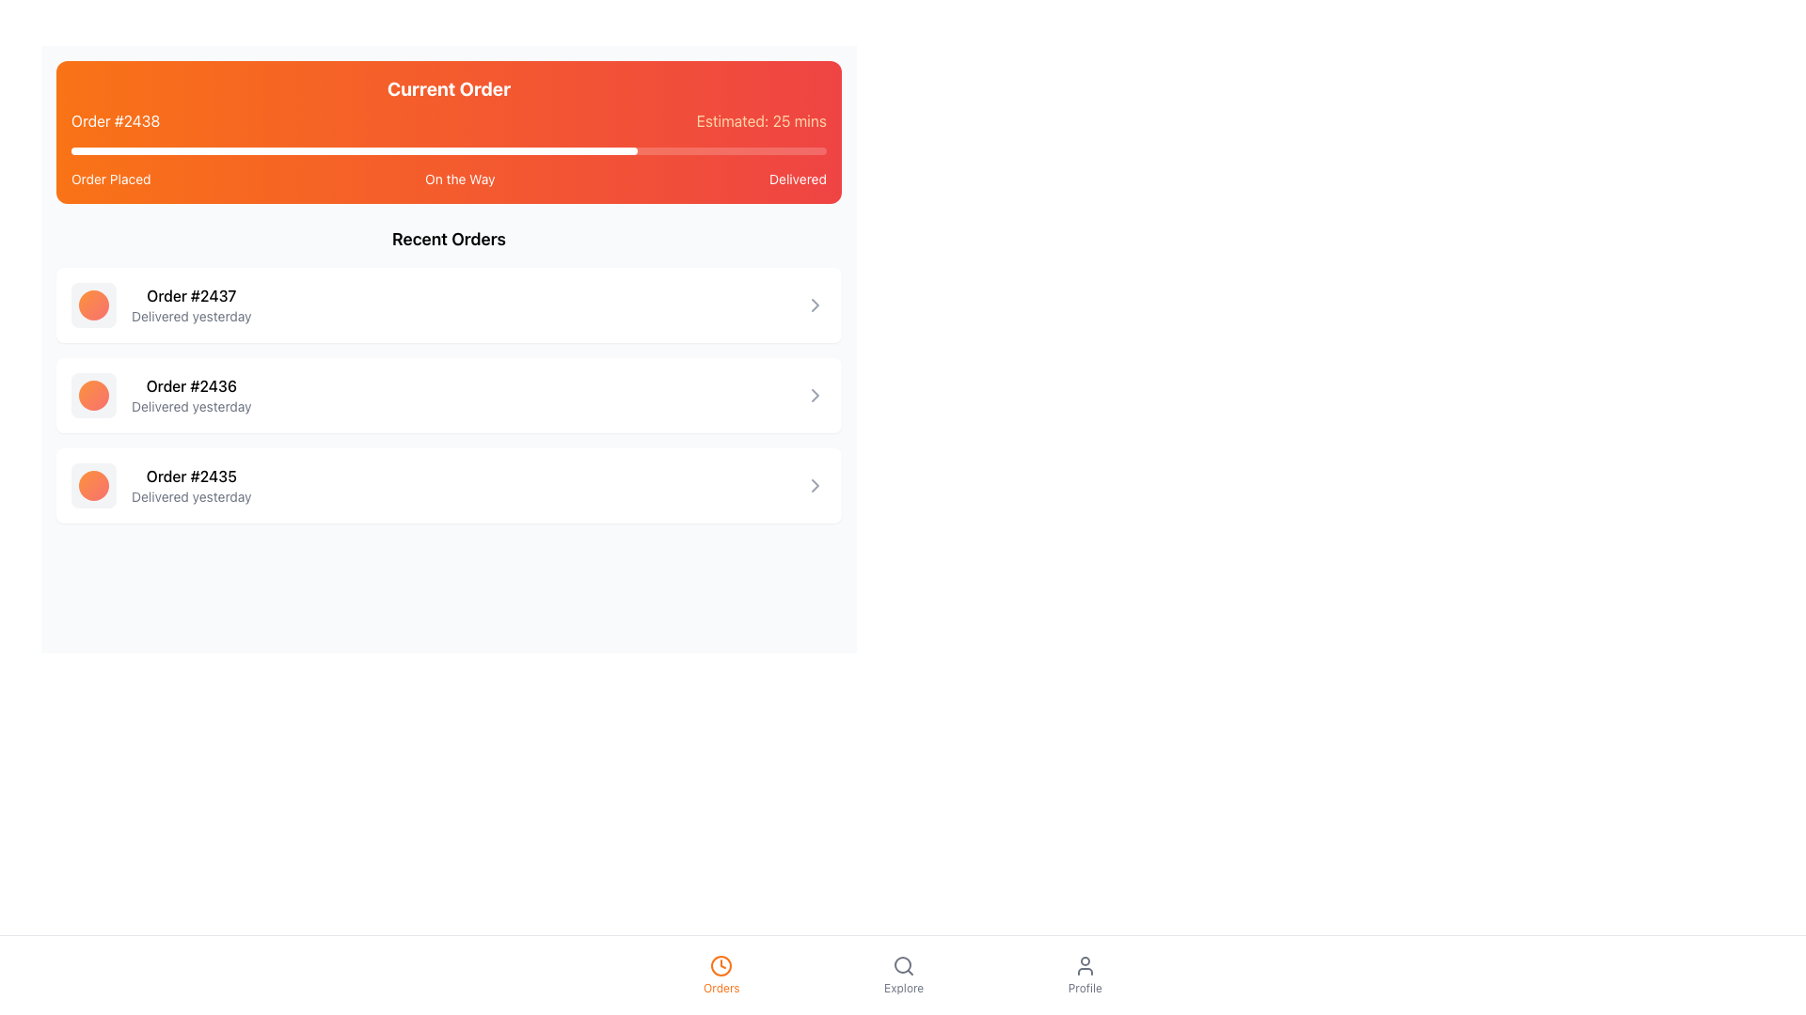  What do you see at coordinates (816, 394) in the screenshot?
I see `the right-pointing gray chevron icon located in the far-right section of the 'Order #2436 Delivered yesterday' card` at bounding box center [816, 394].